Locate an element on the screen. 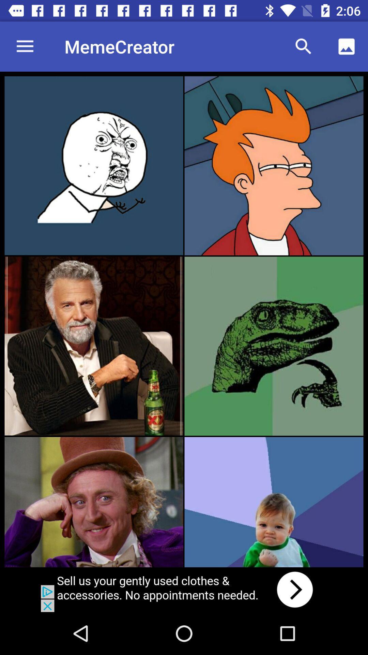 The height and width of the screenshot is (655, 368). meme is located at coordinates (94, 165).